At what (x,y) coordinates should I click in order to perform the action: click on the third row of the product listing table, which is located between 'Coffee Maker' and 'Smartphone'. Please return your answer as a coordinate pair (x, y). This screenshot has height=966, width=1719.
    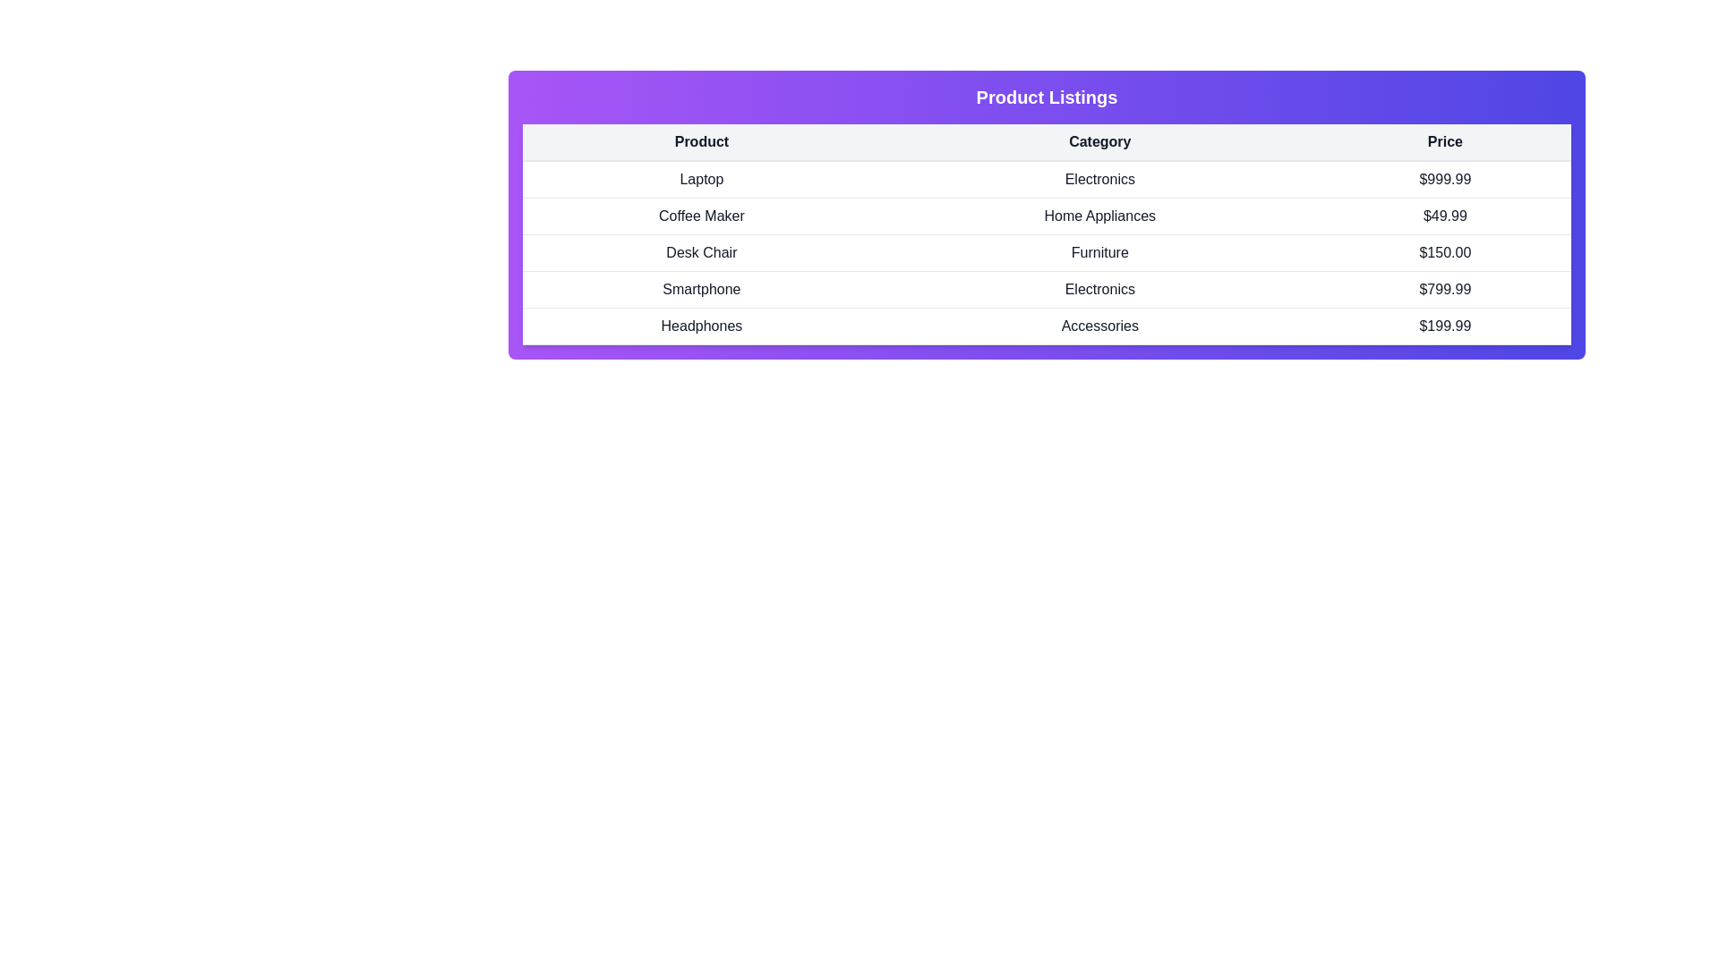
    Looking at the image, I should click on (1047, 252).